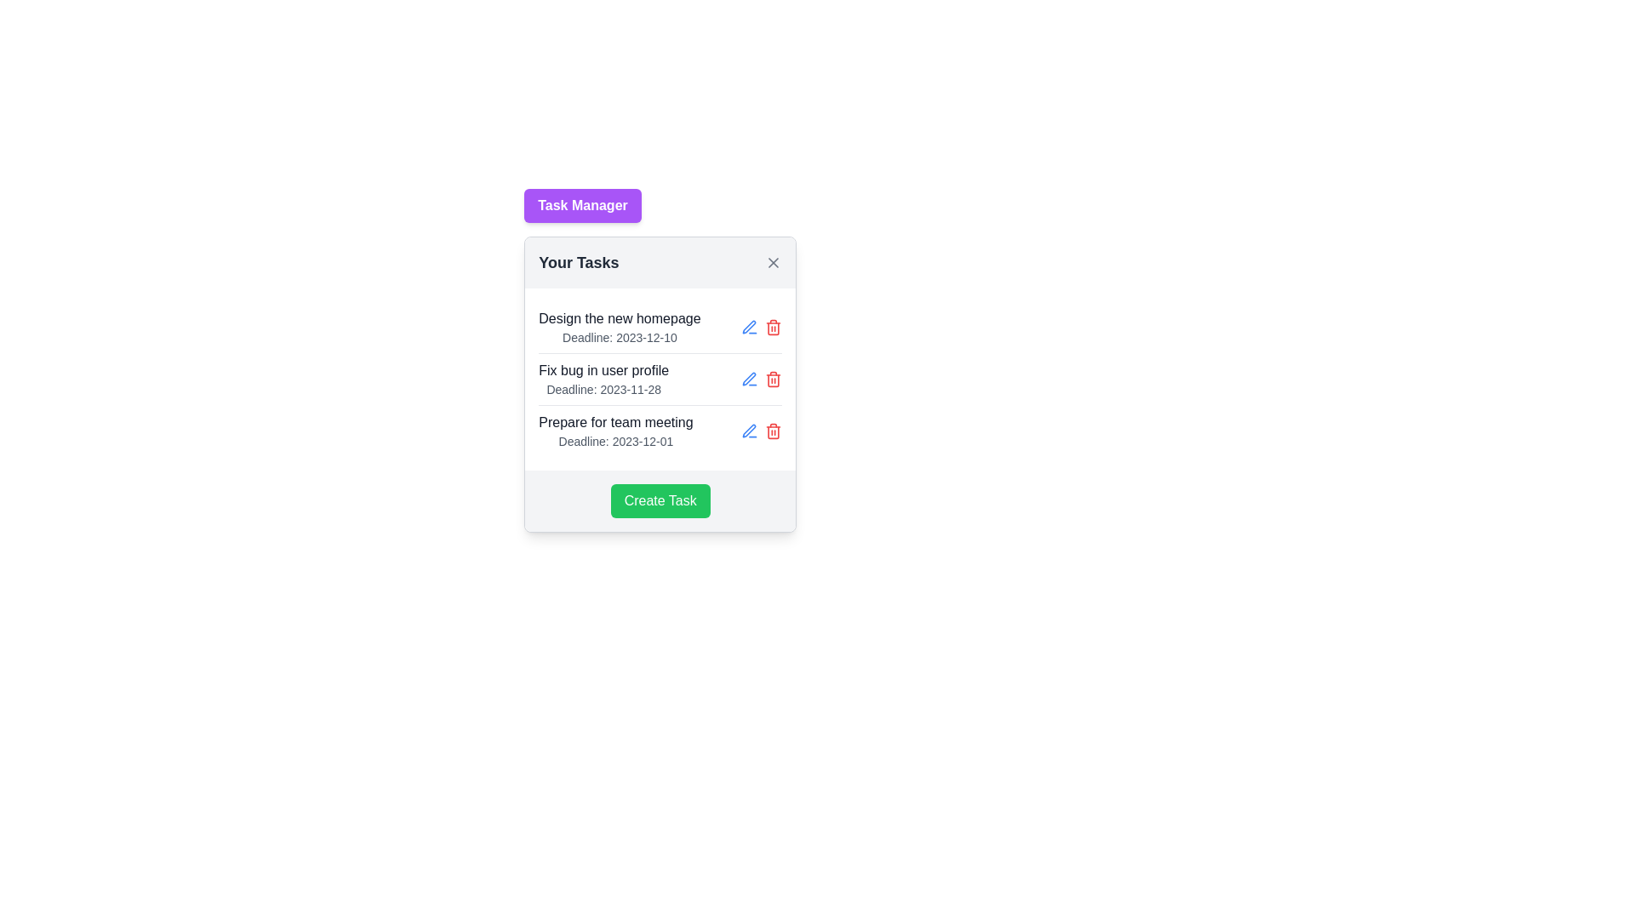 This screenshot has width=1634, height=919. I want to click on the task entry displaying 'Fix bug in user profile' to view more details about the task, so click(660, 378).